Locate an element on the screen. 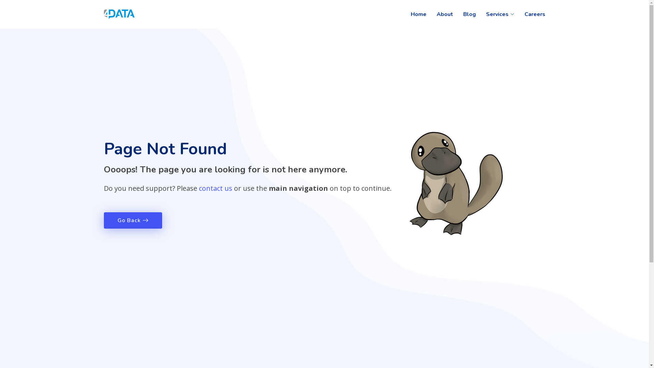 Image resolution: width=654 pixels, height=368 pixels. 'Services' is located at coordinates (495, 14).